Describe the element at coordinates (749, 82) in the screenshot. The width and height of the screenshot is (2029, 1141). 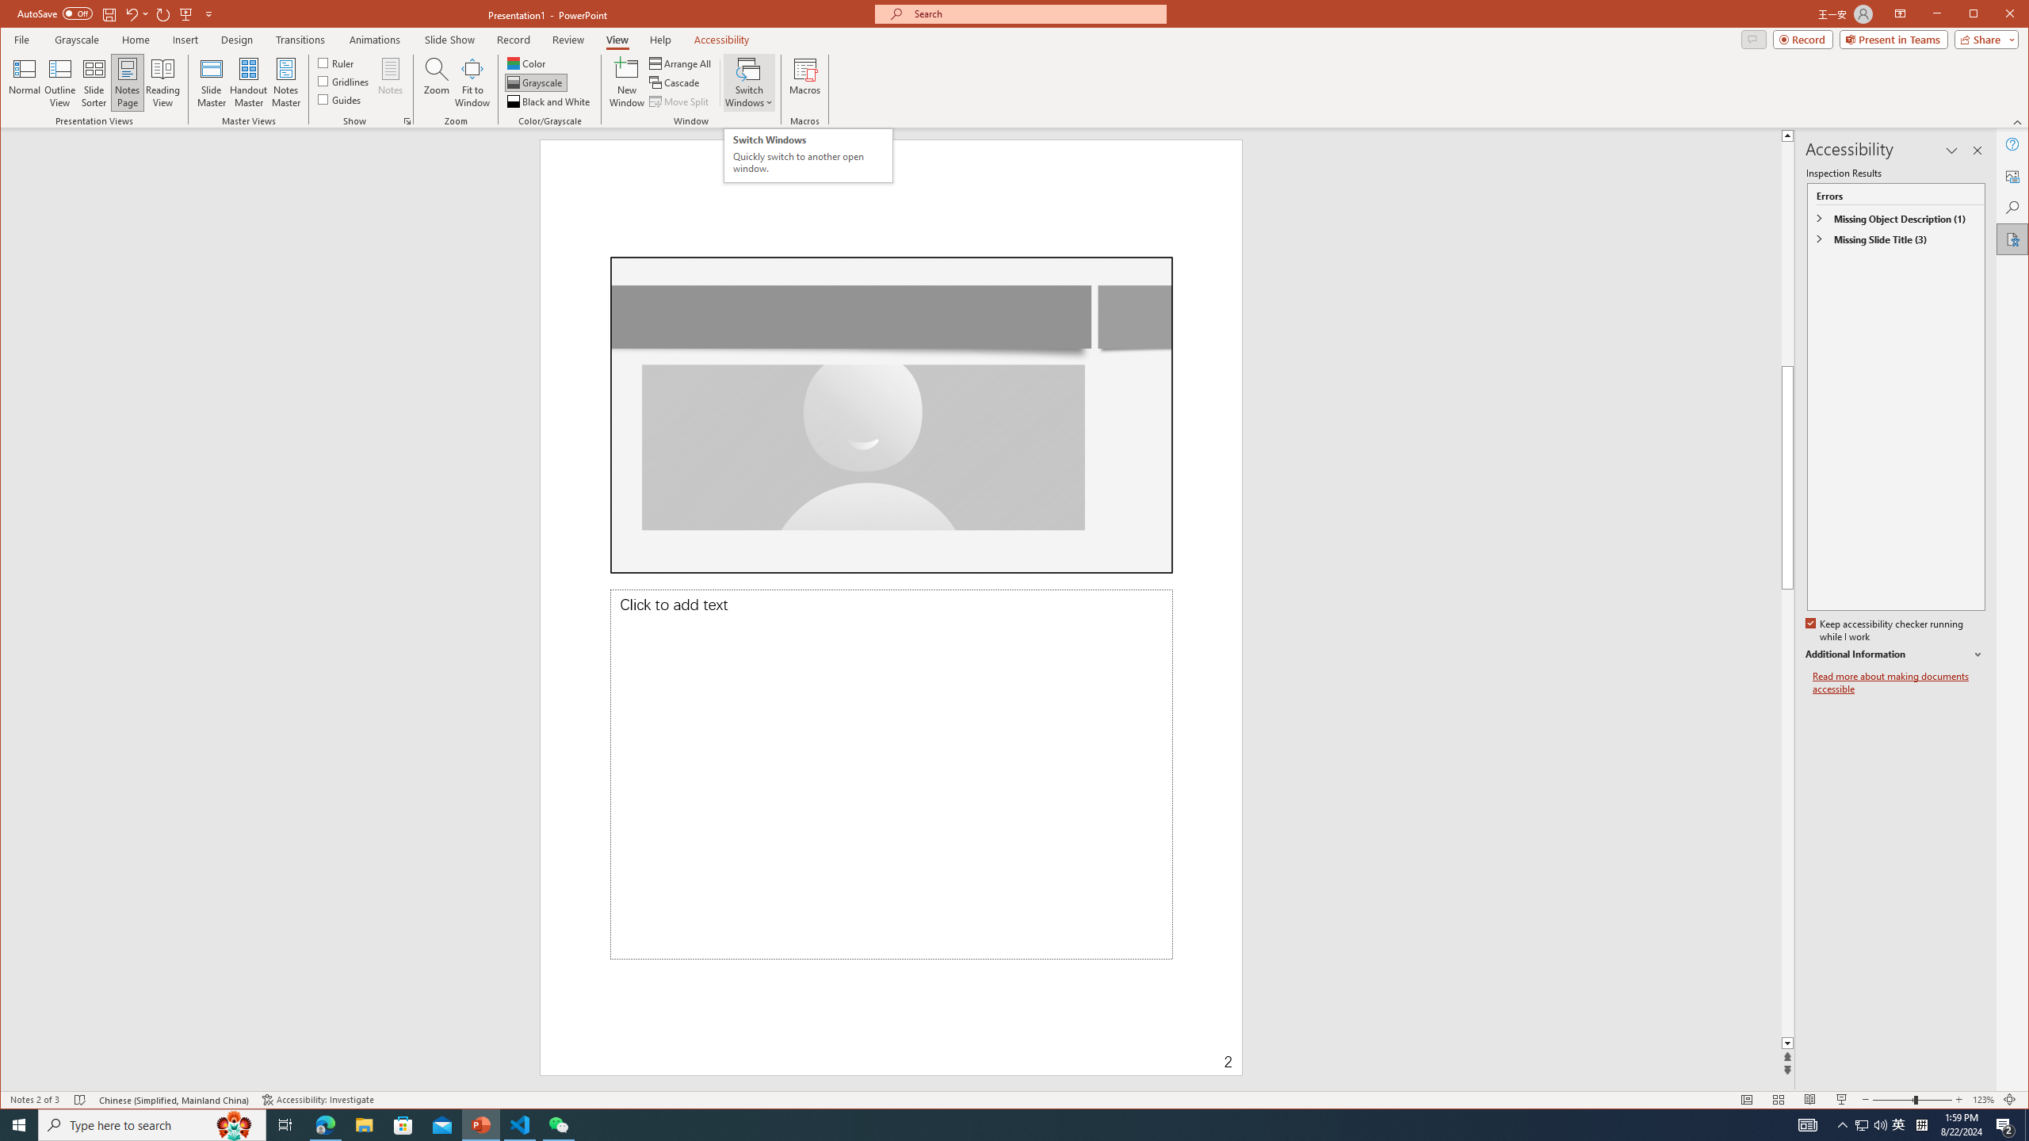
I see `'Switch Windows'` at that location.